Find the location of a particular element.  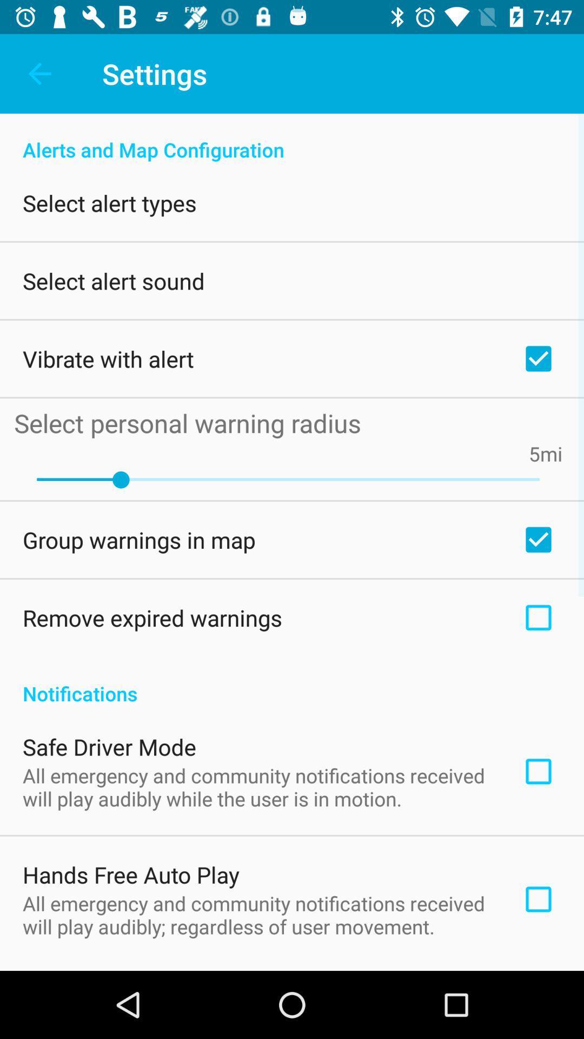

the select personal warning icon is located at coordinates (288, 422).